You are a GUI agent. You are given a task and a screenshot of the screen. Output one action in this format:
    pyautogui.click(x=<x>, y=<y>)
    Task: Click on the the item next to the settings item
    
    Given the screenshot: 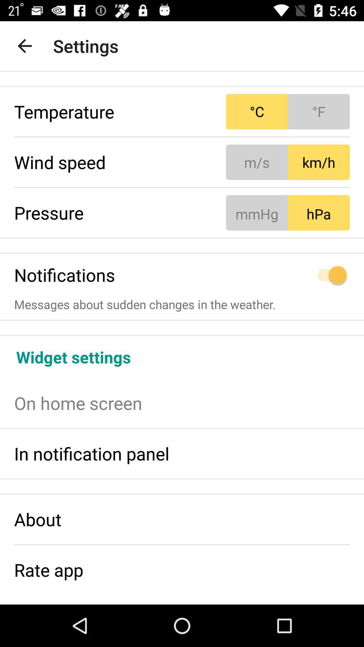 What is the action you would take?
    pyautogui.click(x=24, y=45)
    